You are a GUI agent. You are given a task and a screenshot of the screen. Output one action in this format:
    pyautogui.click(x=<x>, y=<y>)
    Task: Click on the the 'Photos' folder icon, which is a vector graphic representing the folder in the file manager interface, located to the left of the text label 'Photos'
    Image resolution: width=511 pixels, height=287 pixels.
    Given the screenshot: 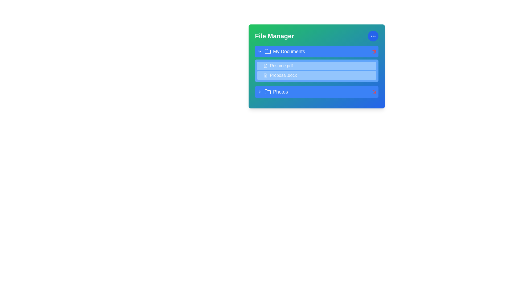 What is the action you would take?
    pyautogui.click(x=268, y=91)
    